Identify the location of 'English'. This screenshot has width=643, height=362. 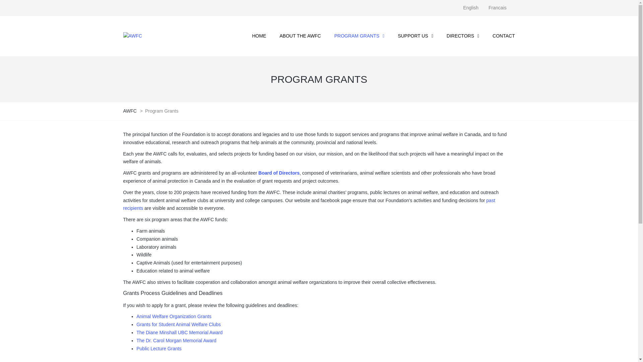
(458, 8).